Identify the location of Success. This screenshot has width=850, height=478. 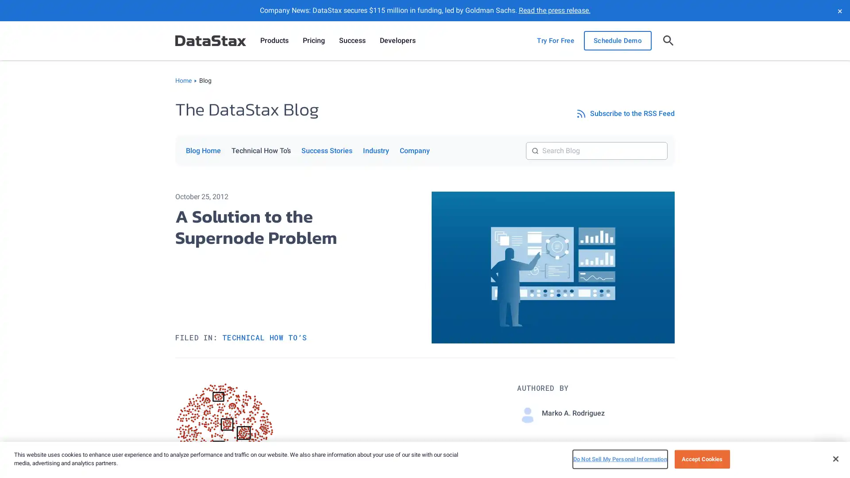
(352, 41).